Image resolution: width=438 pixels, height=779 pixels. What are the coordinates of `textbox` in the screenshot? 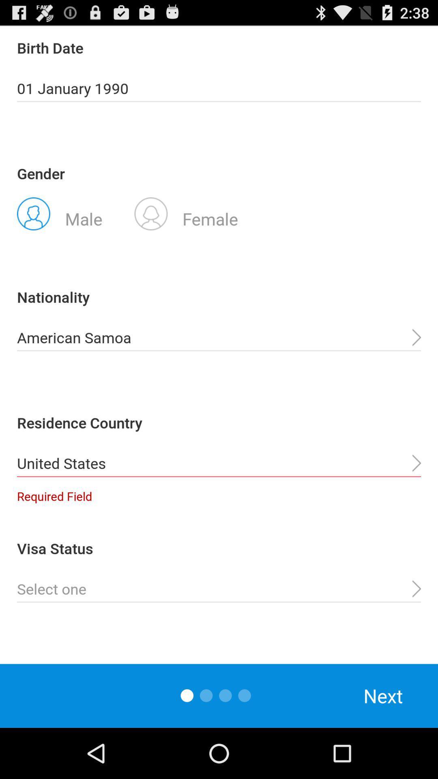 It's located at (219, 589).